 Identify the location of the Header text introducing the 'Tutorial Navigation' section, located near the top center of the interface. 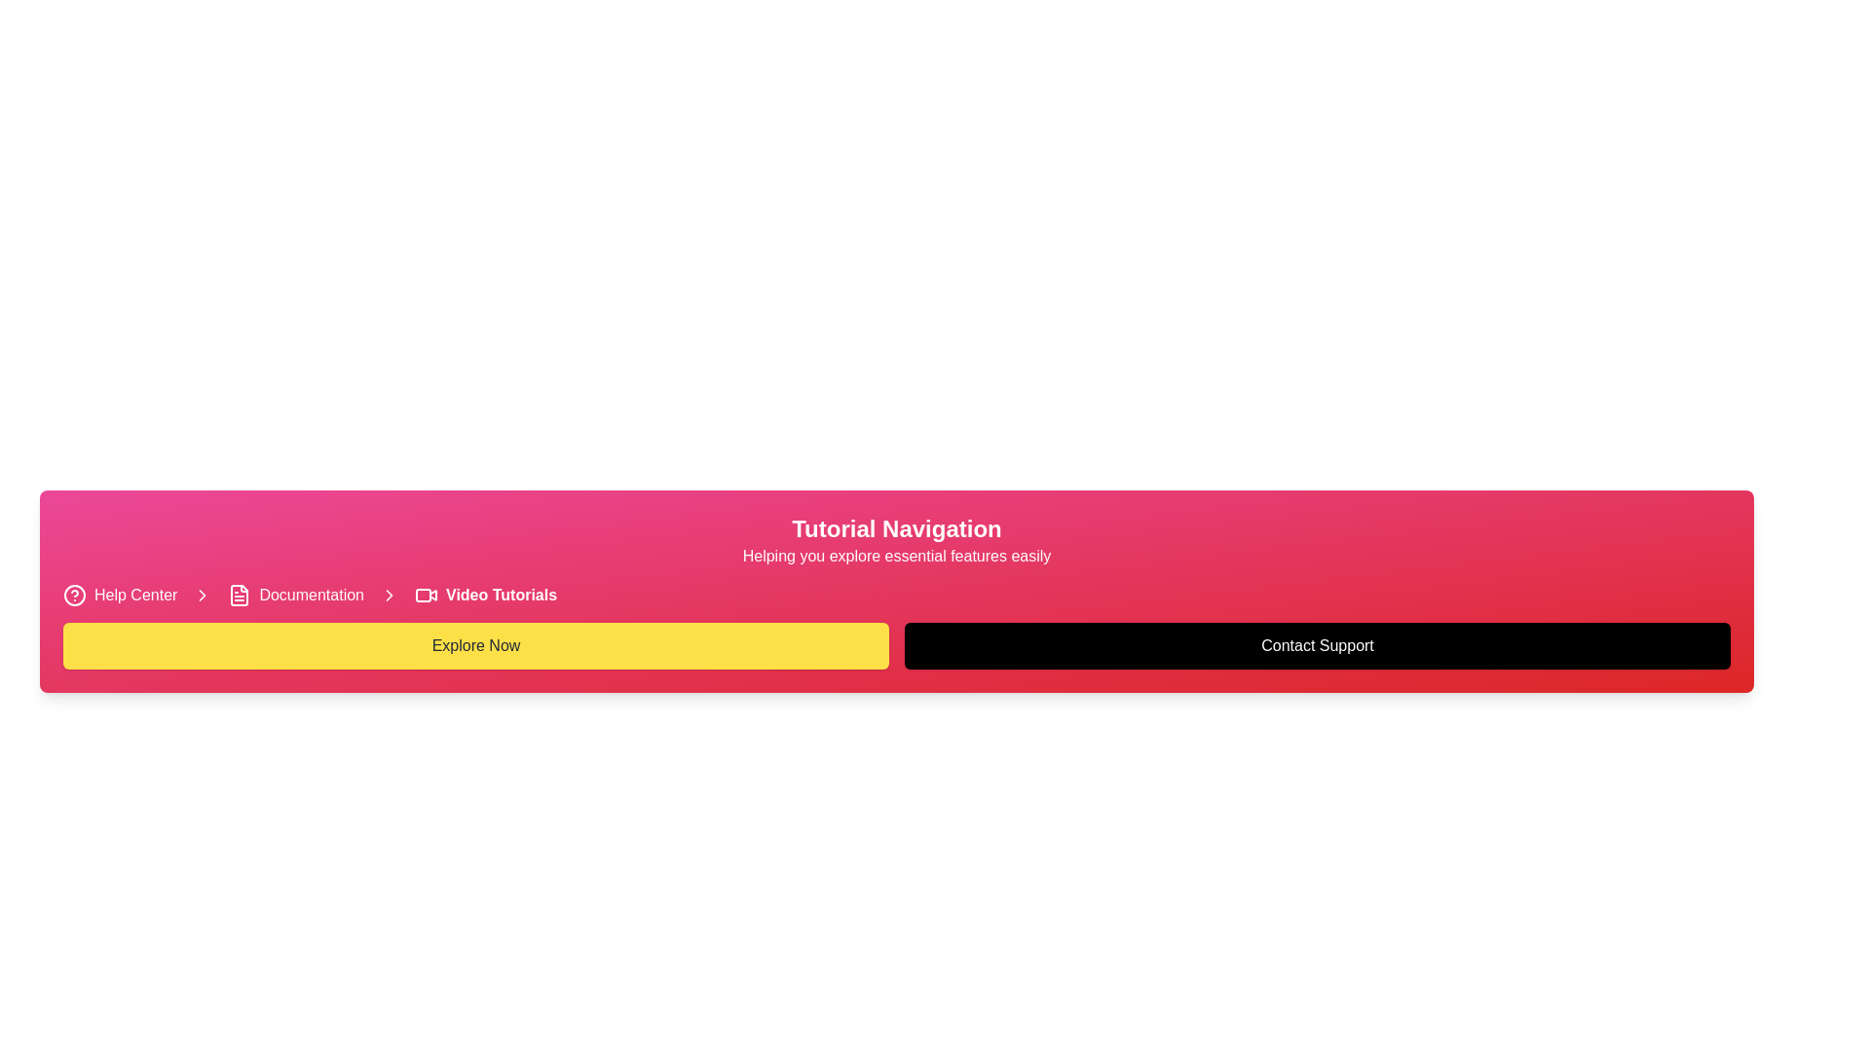
(896, 528).